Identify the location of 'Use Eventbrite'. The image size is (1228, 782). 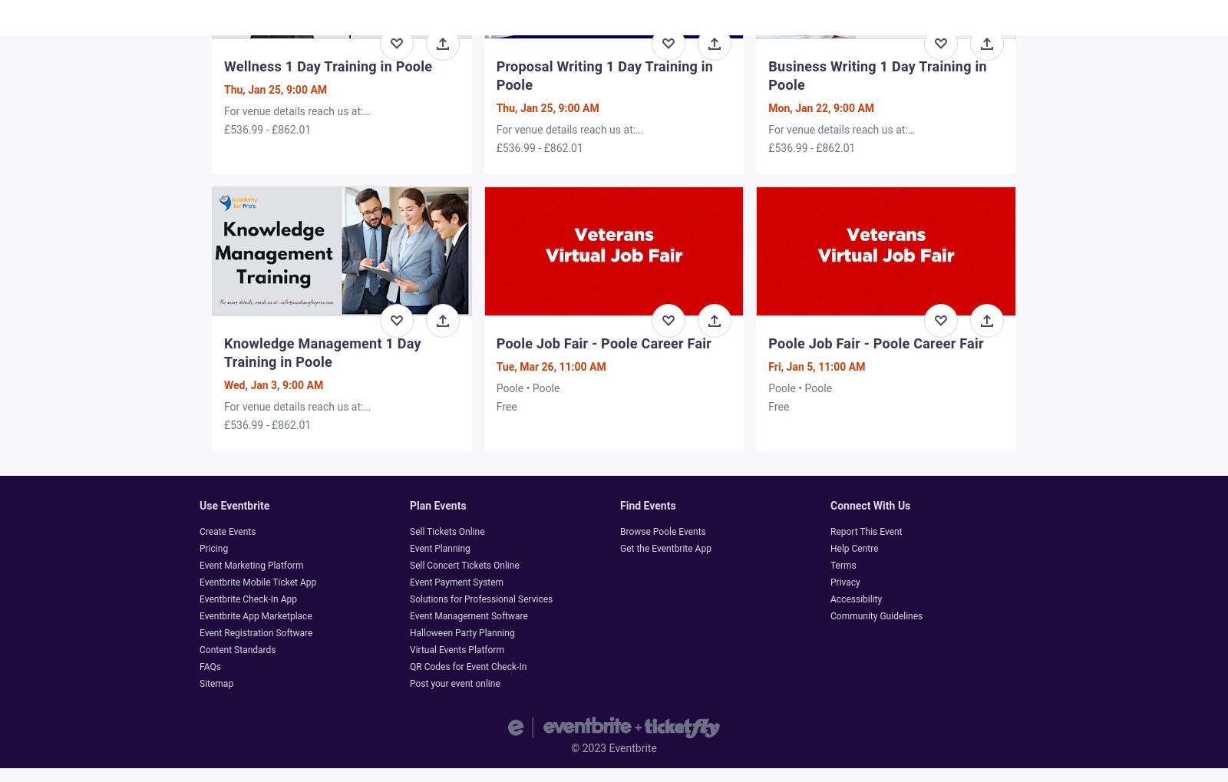
(234, 503).